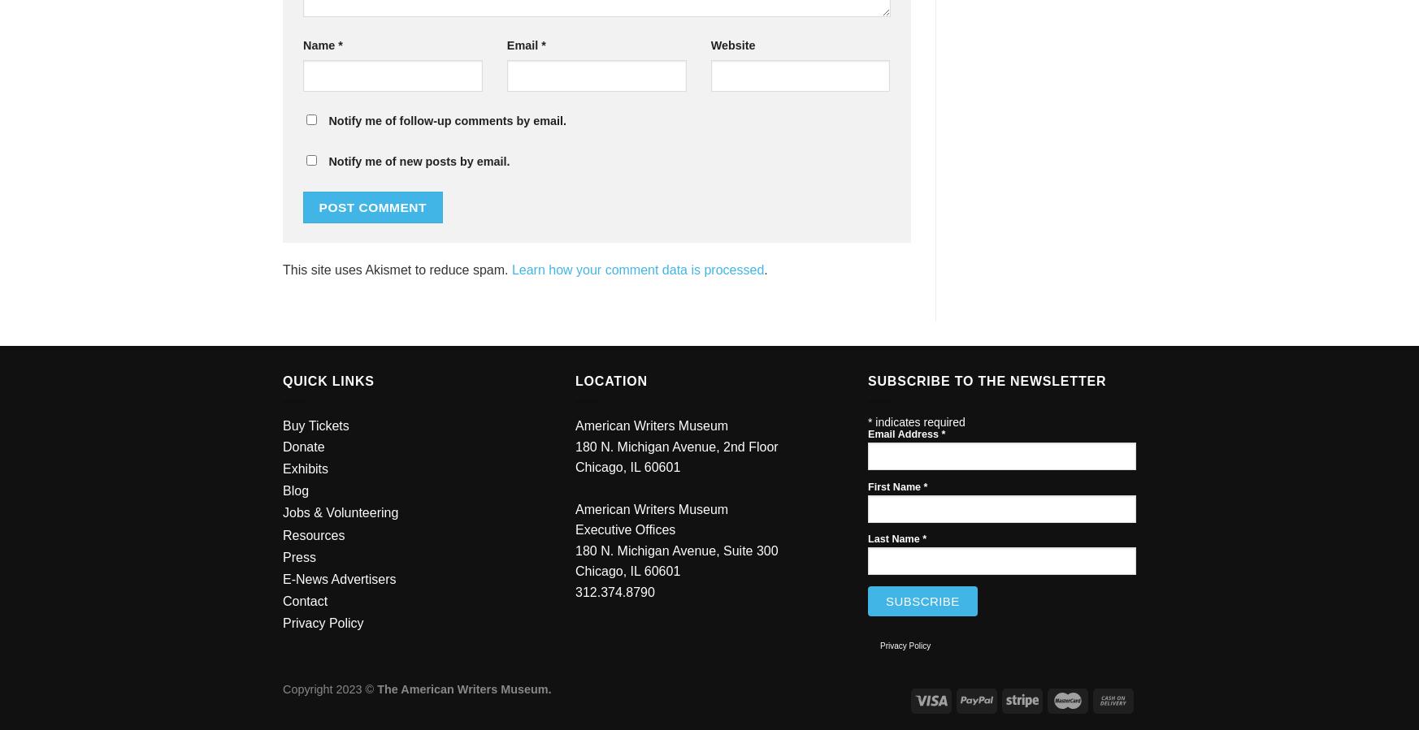 This screenshot has height=730, width=1419. What do you see at coordinates (298, 555) in the screenshot?
I see `'Press'` at bounding box center [298, 555].